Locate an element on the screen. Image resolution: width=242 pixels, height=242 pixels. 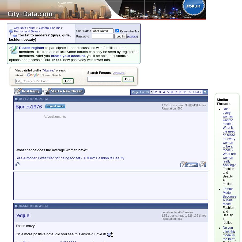
'Last' is located at coordinates (196, 91).